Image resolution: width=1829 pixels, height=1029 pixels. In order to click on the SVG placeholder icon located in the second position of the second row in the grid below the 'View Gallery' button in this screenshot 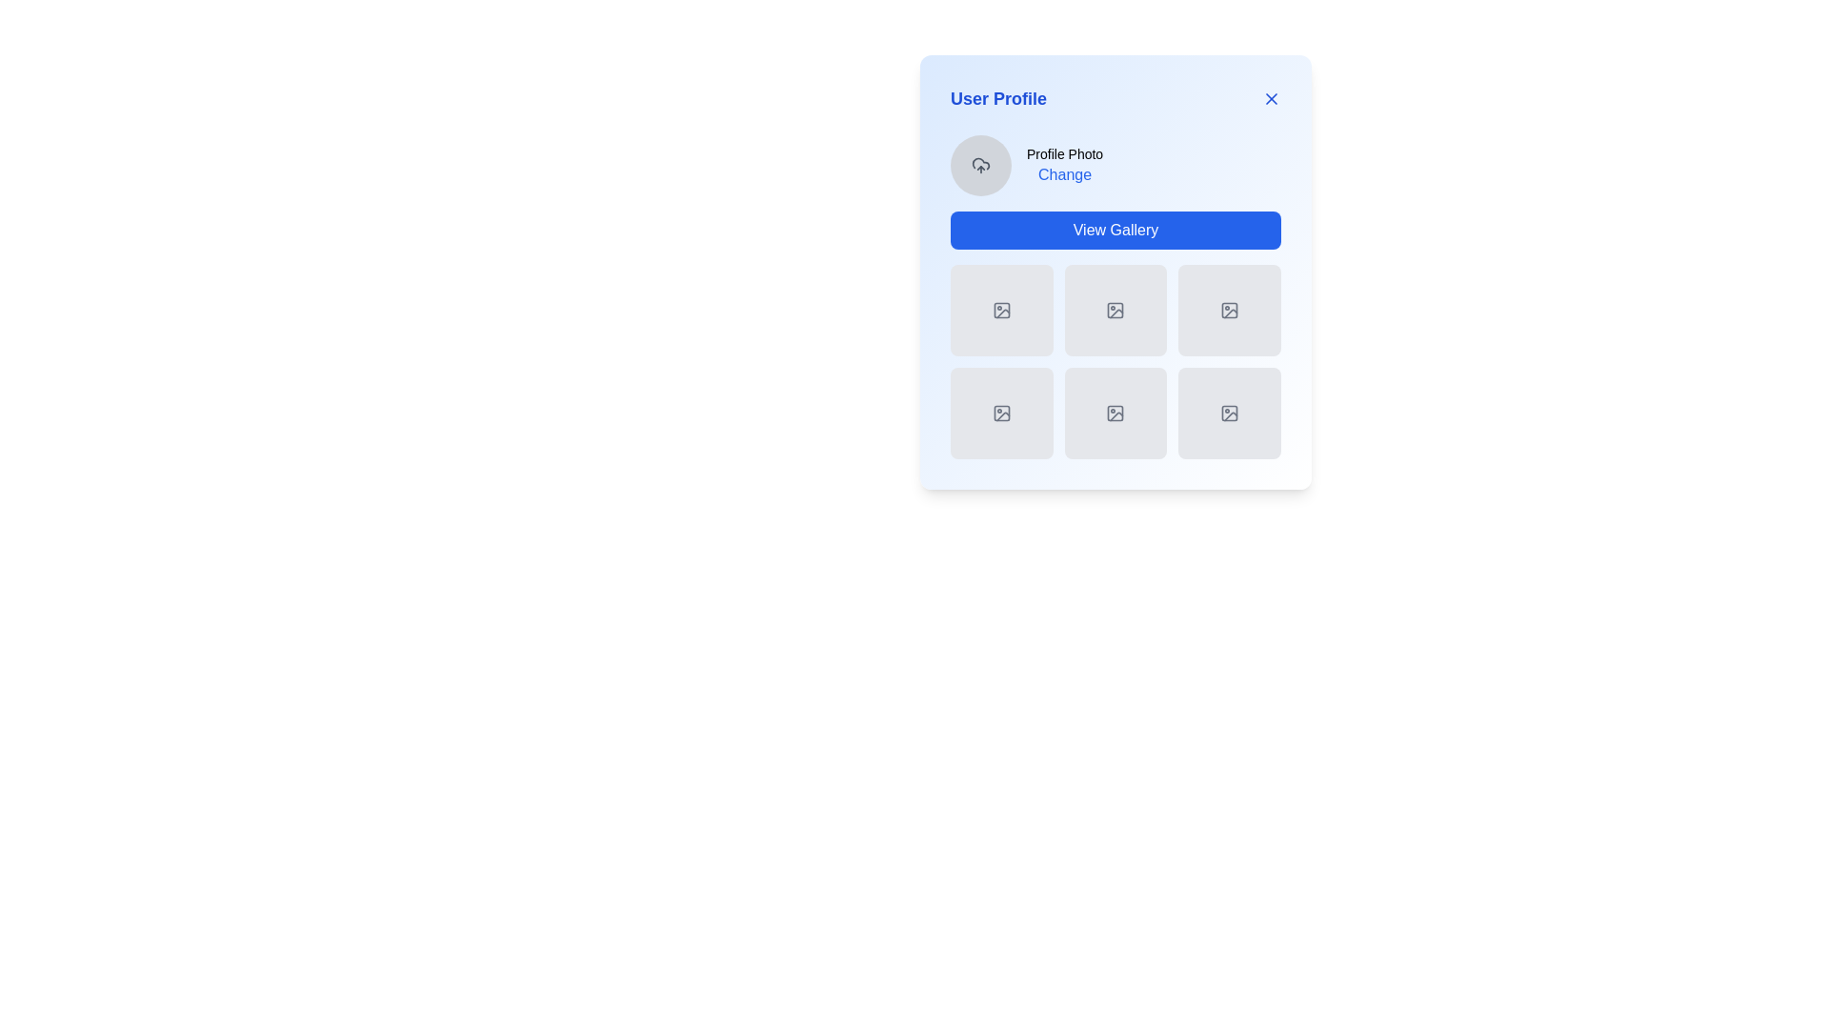, I will do `click(1000, 413)`.